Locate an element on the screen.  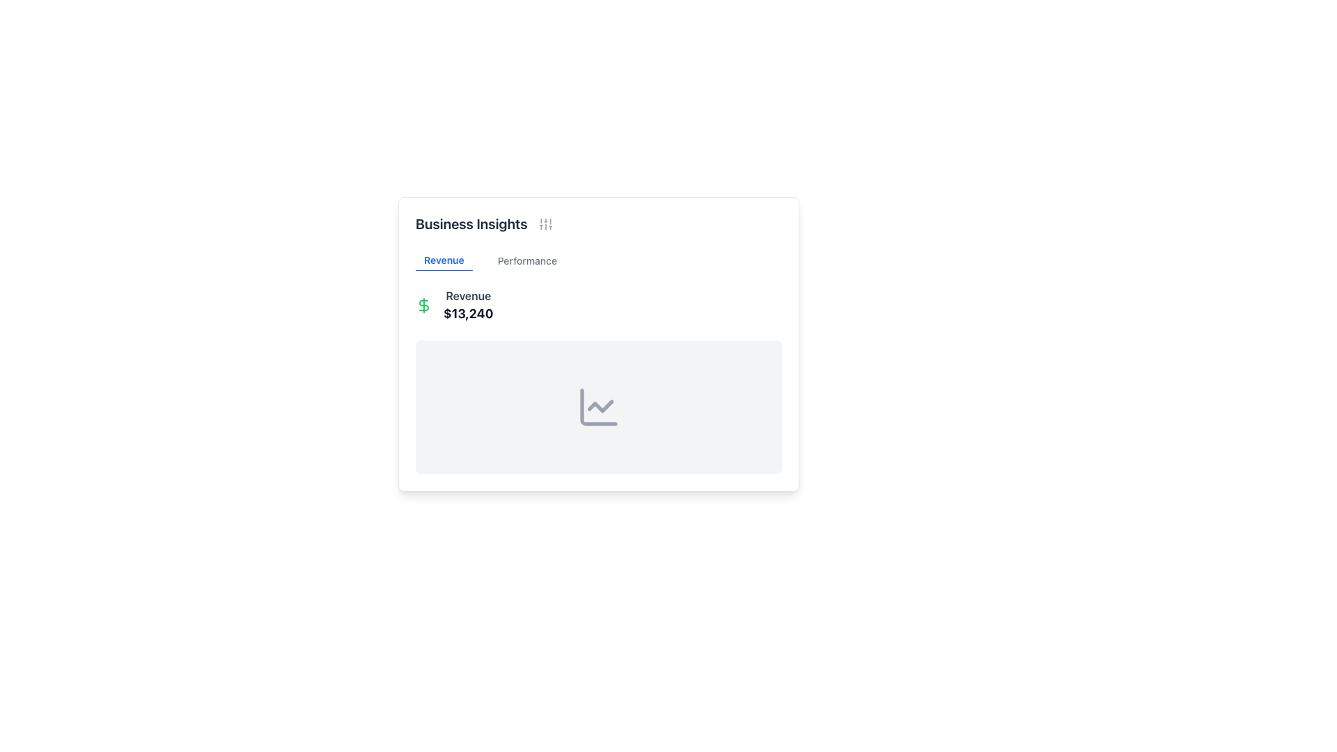
the Text Display element that shows 'Revenue' and '$13,240', which is vertically aligned with the dollar icon on the right is located at coordinates (468, 305).